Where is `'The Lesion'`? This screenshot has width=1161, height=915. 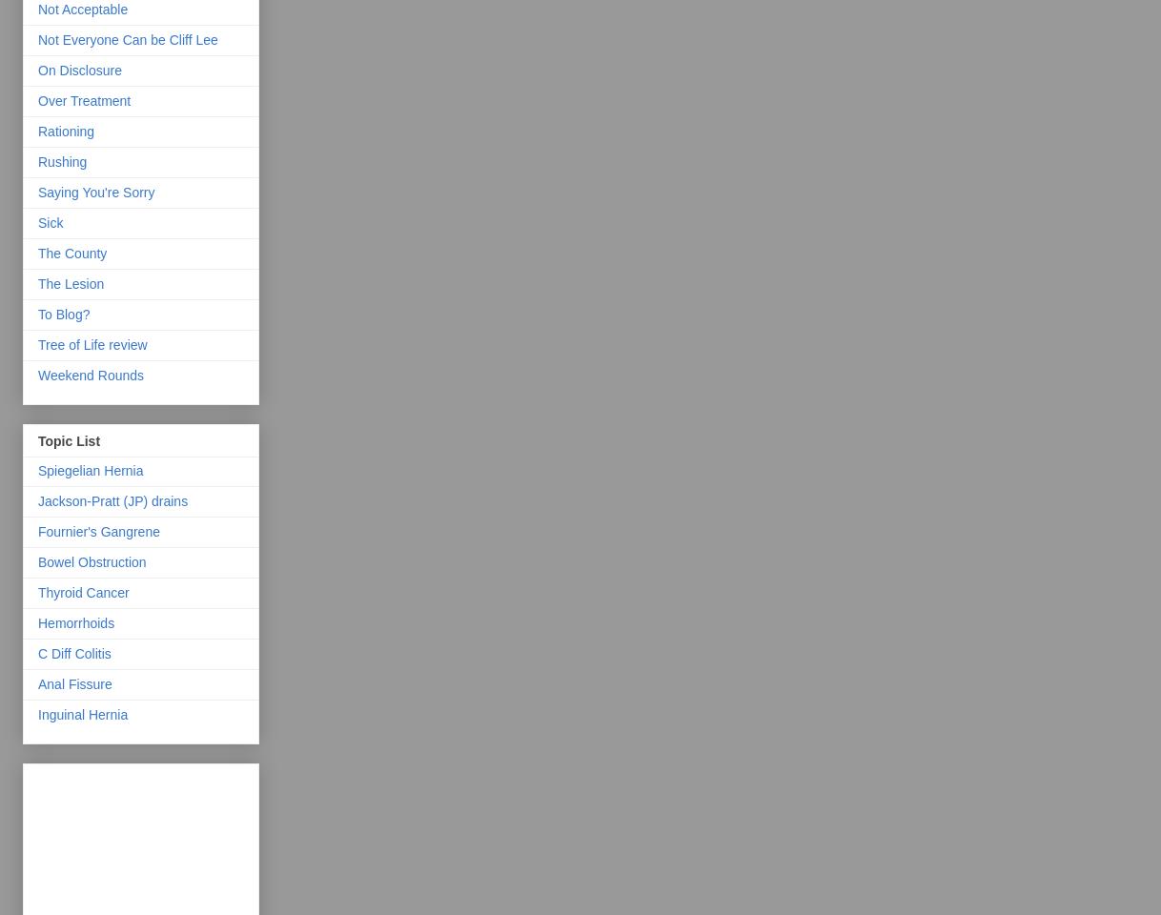 'The Lesion' is located at coordinates (37, 282).